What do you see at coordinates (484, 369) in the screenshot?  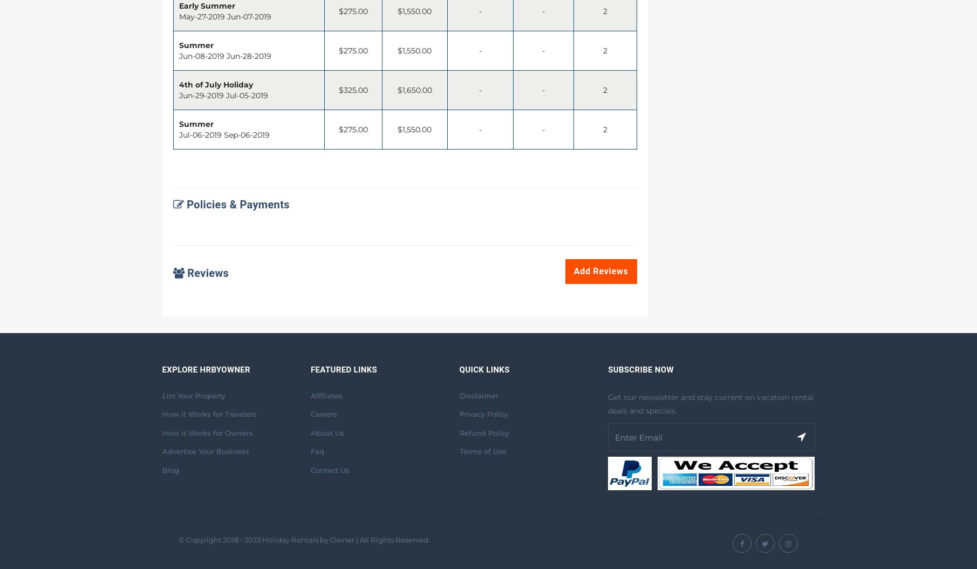 I see `'QUICK LINKS'` at bounding box center [484, 369].